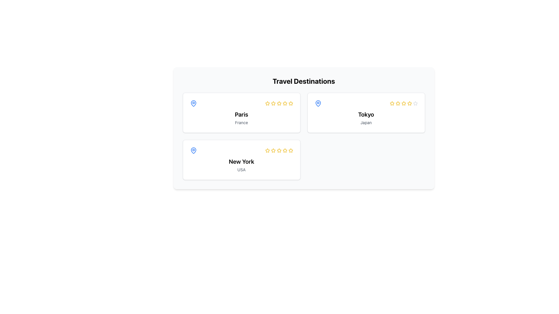  Describe the element at coordinates (366, 103) in the screenshot. I see `the information displayed in the Information display component with a blue location marker icon and a rating bar, located in the top horizontal section of the Tokyo card component` at that location.